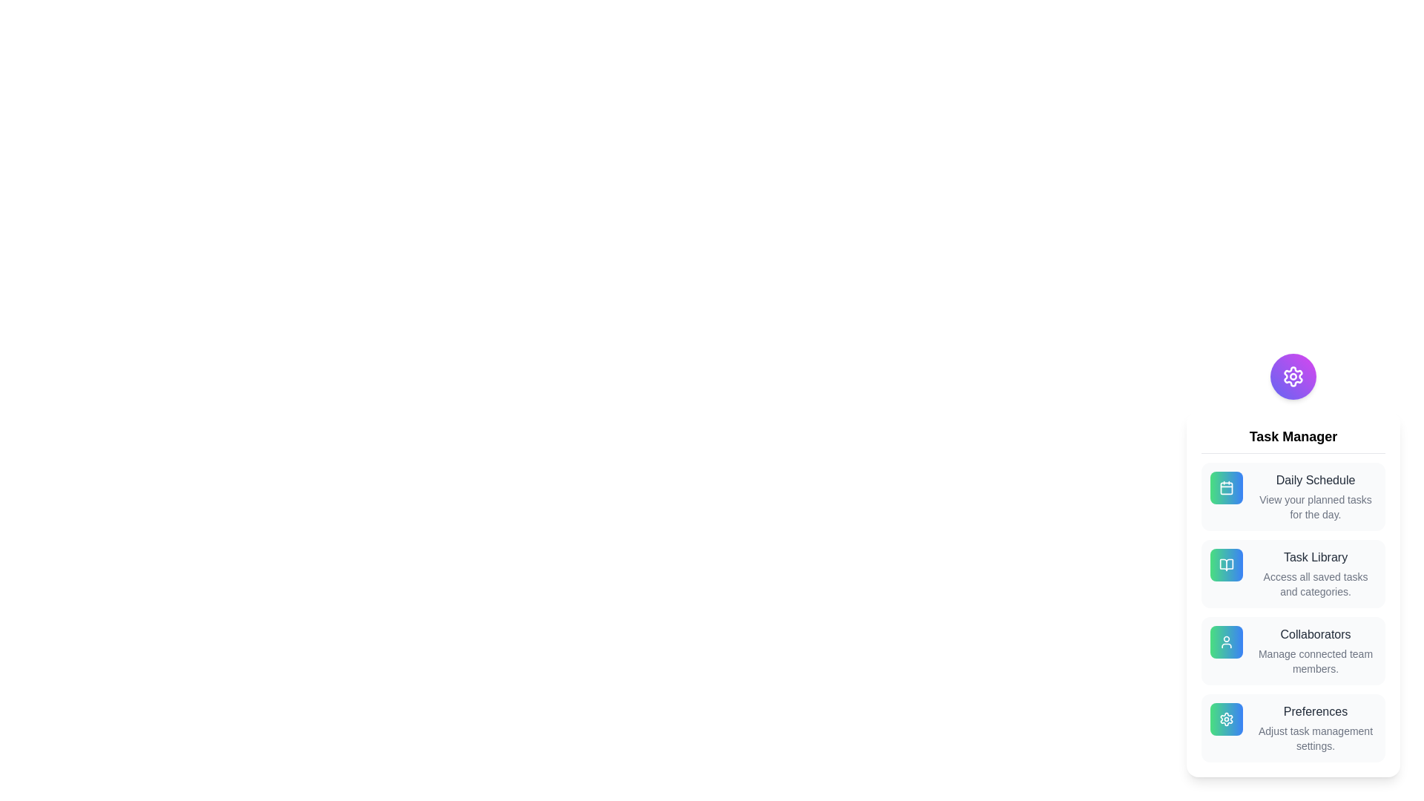 The width and height of the screenshot is (1424, 801). Describe the element at coordinates (1292, 650) in the screenshot. I see `the 'Collaborators' option to manage team members` at that location.